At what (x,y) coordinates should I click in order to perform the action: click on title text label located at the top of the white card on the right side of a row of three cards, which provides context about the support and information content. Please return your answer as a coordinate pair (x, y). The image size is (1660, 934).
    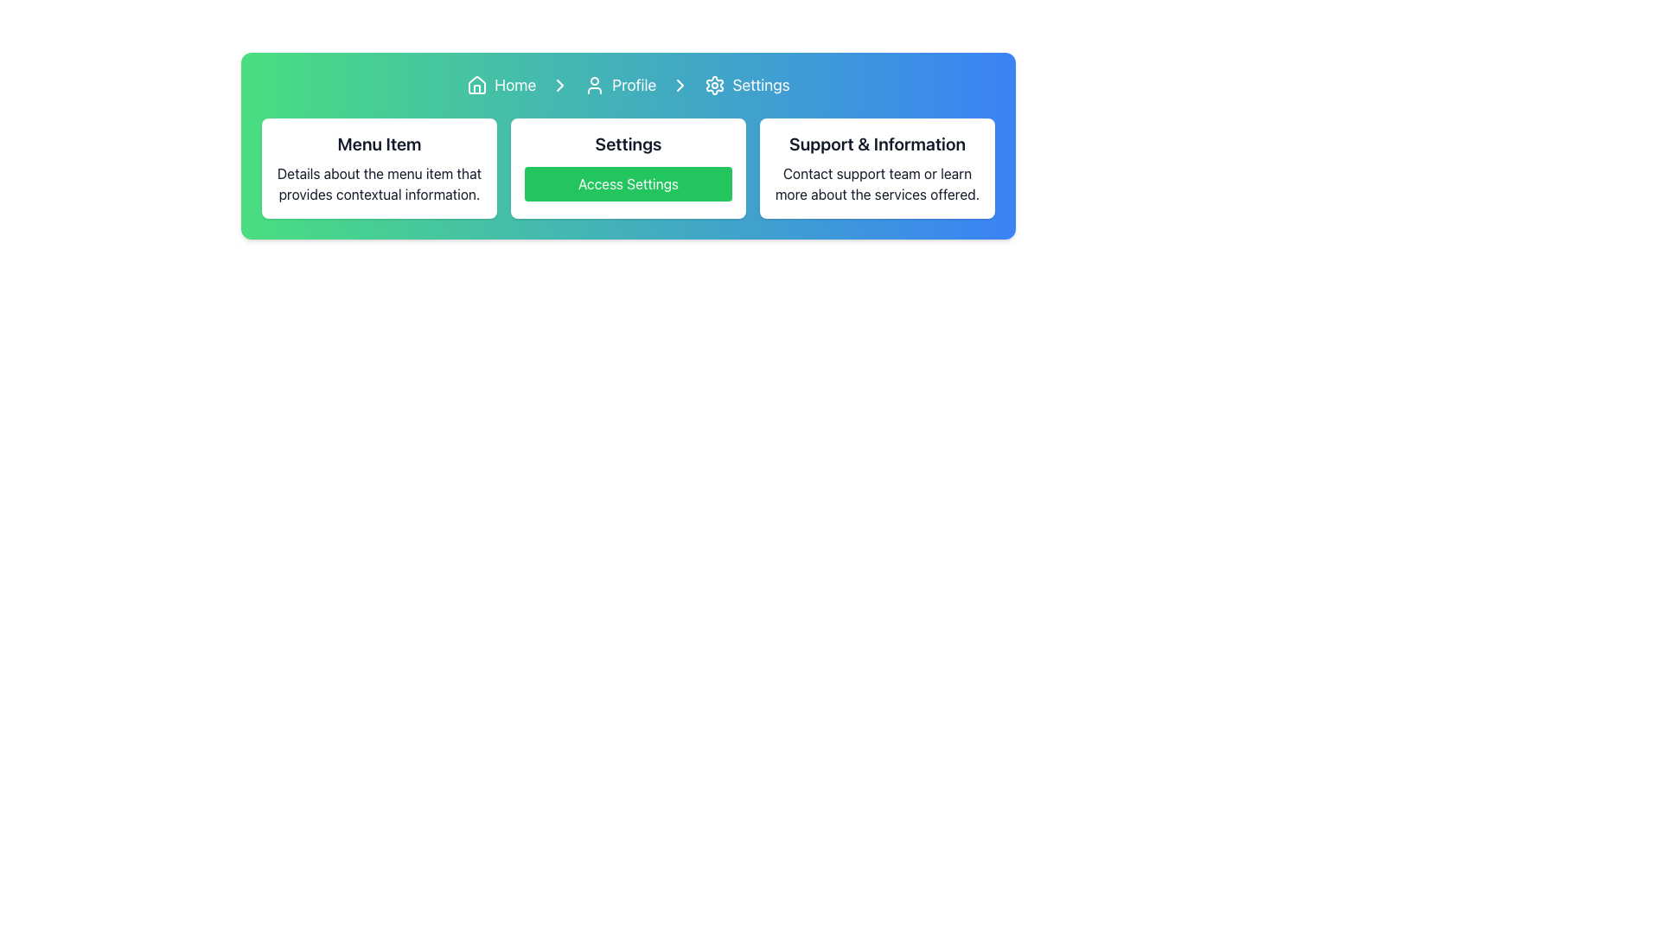
    Looking at the image, I should click on (877, 143).